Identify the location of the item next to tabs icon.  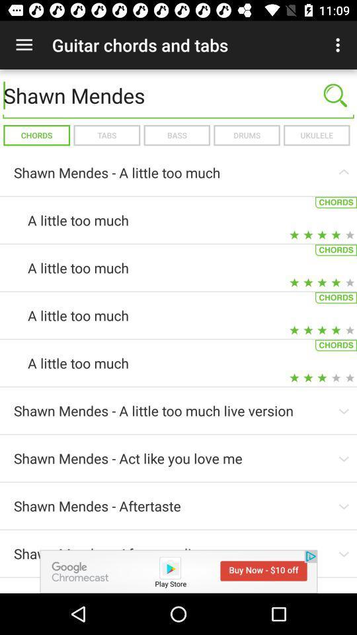
(177, 135).